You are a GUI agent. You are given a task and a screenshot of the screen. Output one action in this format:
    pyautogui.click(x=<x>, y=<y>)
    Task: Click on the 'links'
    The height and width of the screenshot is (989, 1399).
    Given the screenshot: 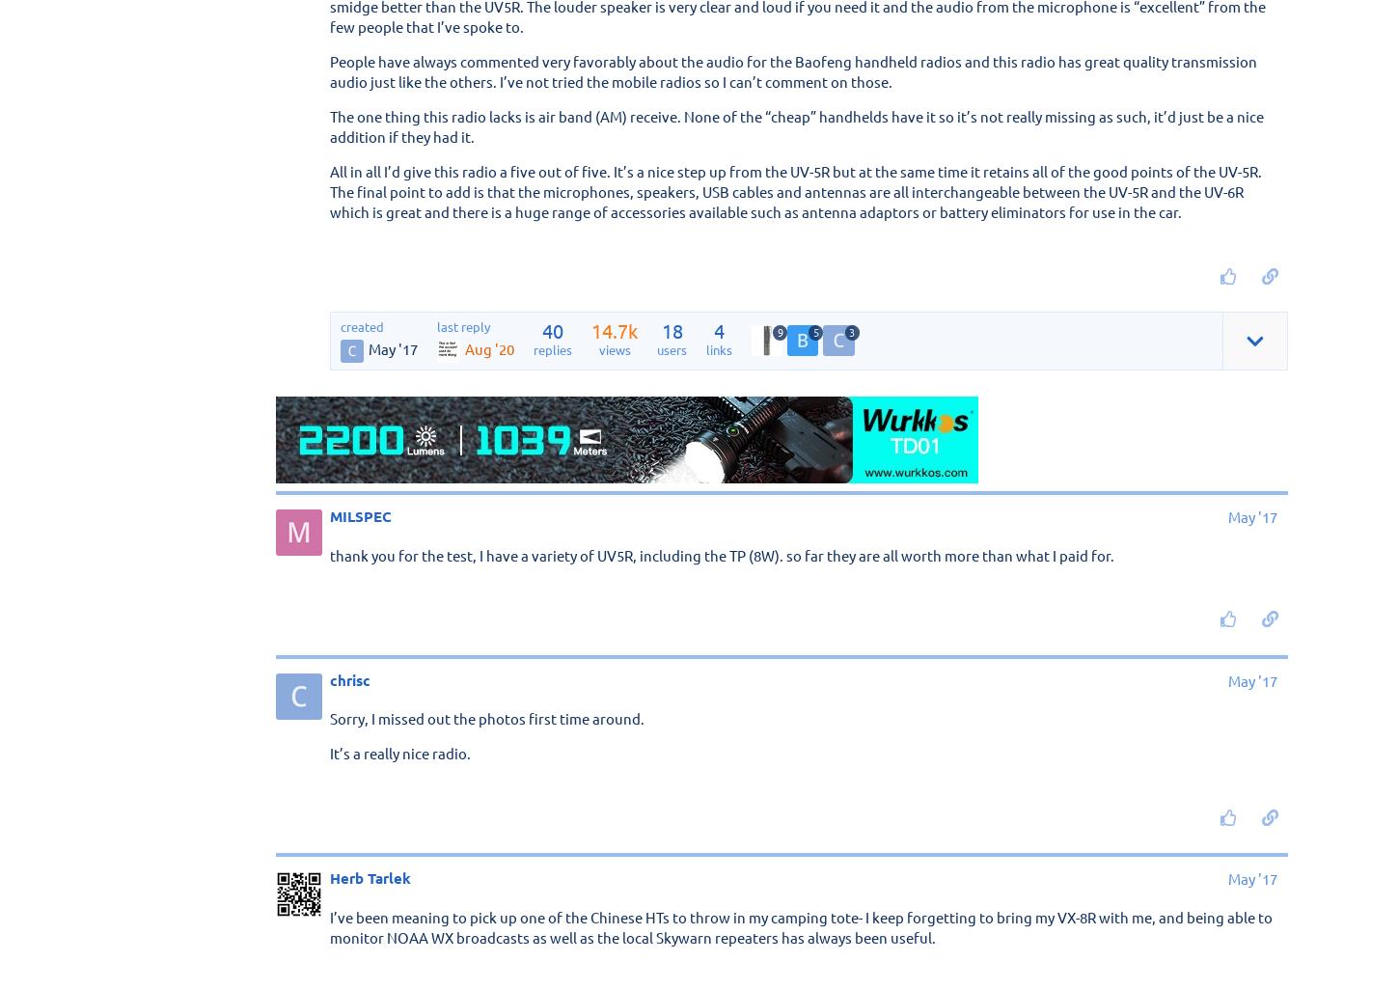 What is the action you would take?
    pyautogui.click(x=705, y=347)
    